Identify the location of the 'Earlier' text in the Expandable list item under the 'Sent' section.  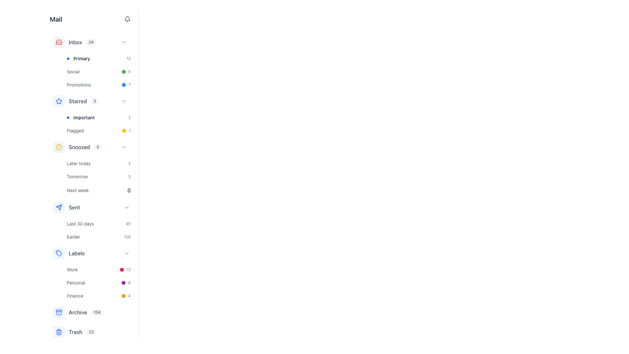
(91, 220).